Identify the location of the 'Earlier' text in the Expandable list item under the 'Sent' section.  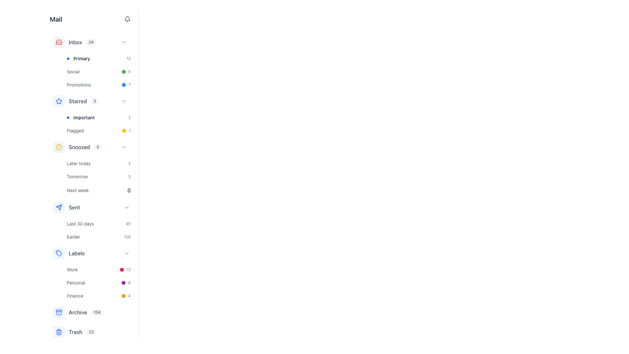
(91, 220).